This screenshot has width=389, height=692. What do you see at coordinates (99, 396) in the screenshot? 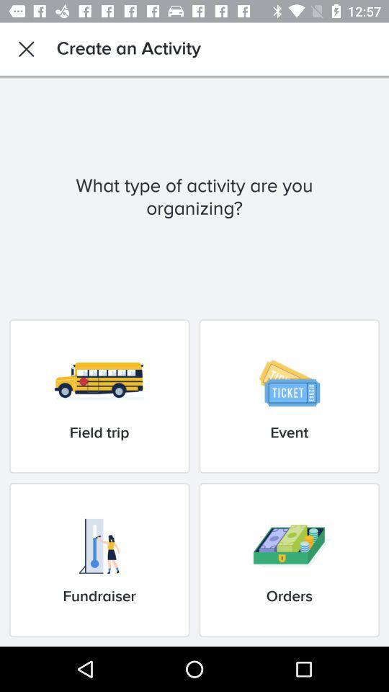
I see `the field trip` at bounding box center [99, 396].